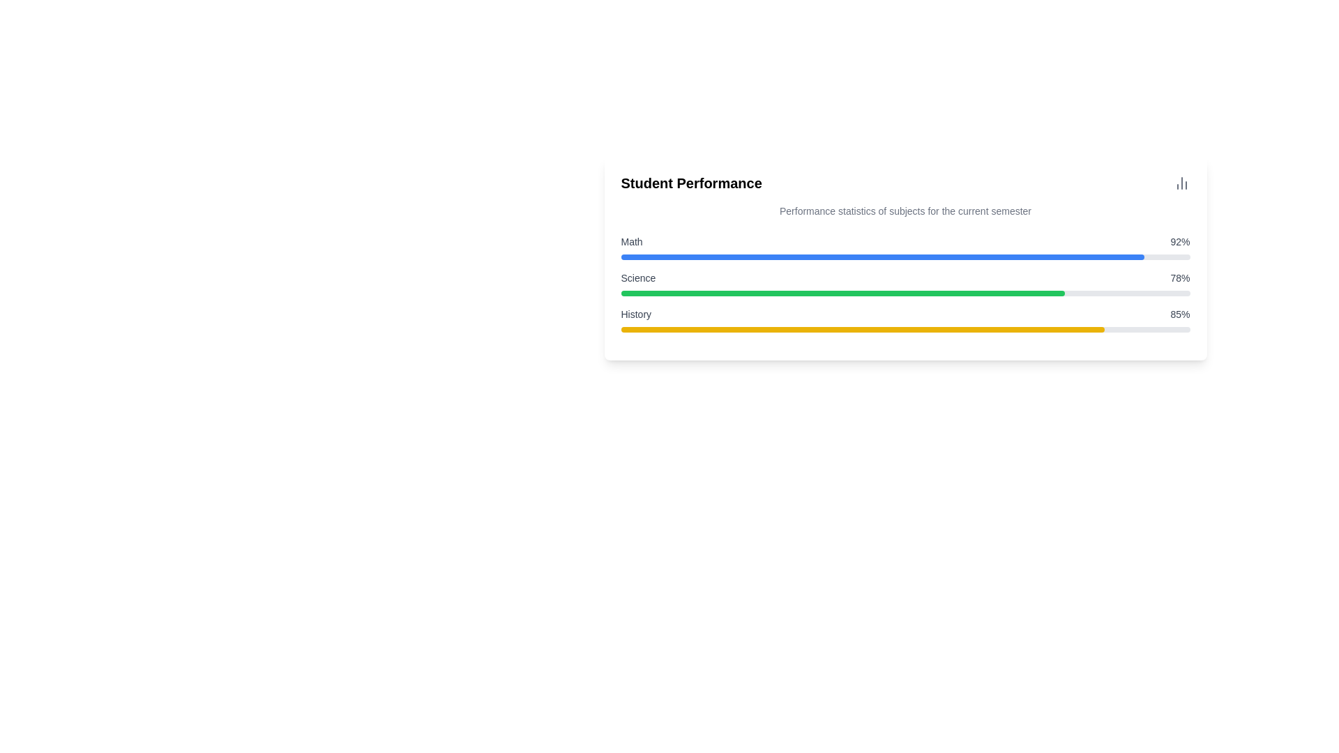 This screenshot has height=753, width=1339. What do you see at coordinates (905, 283) in the screenshot?
I see `the performance metric component for 'Science', which includes a text and a progress bar` at bounding box center [905, 283].